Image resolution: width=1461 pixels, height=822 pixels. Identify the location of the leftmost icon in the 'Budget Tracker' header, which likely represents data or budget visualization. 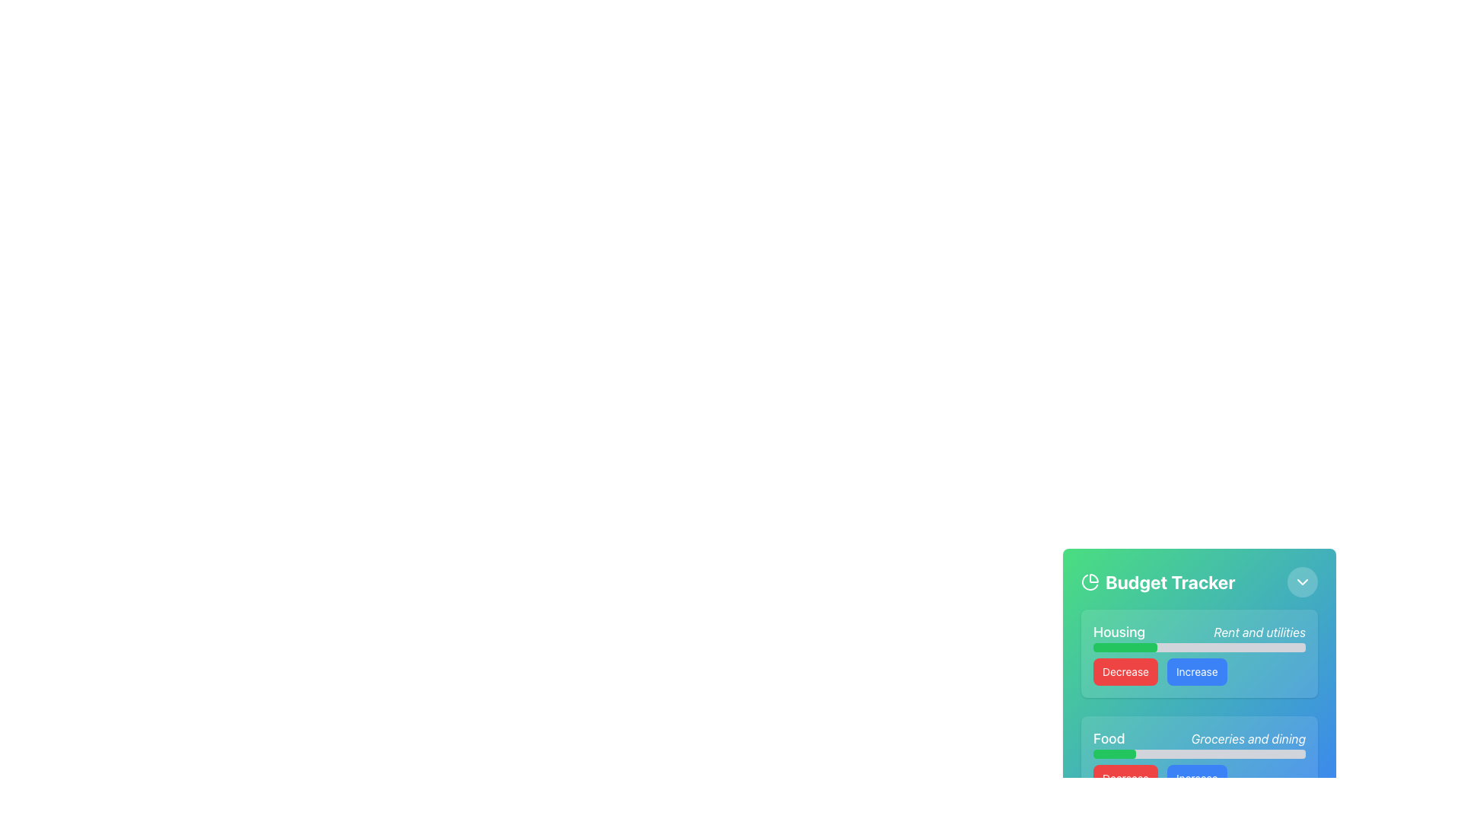
(1090, 581).